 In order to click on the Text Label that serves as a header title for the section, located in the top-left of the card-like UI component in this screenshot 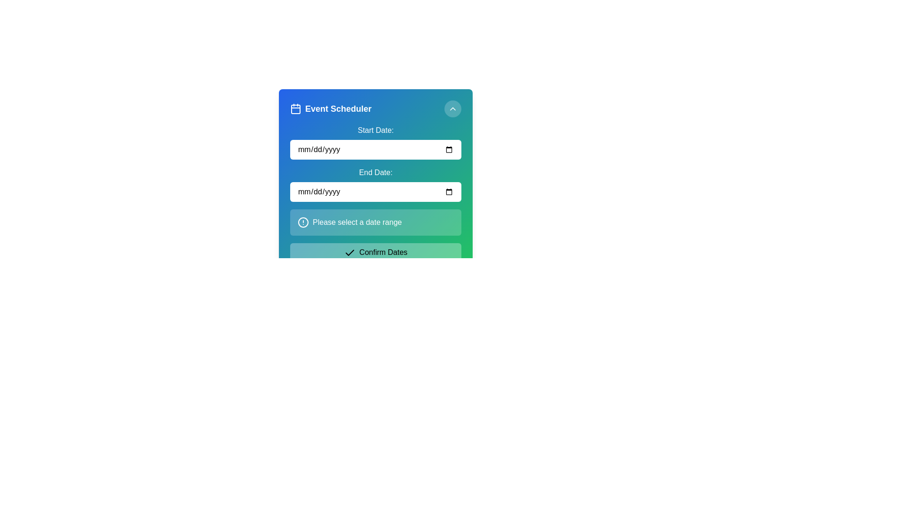, I will do `click(331, 108)`.